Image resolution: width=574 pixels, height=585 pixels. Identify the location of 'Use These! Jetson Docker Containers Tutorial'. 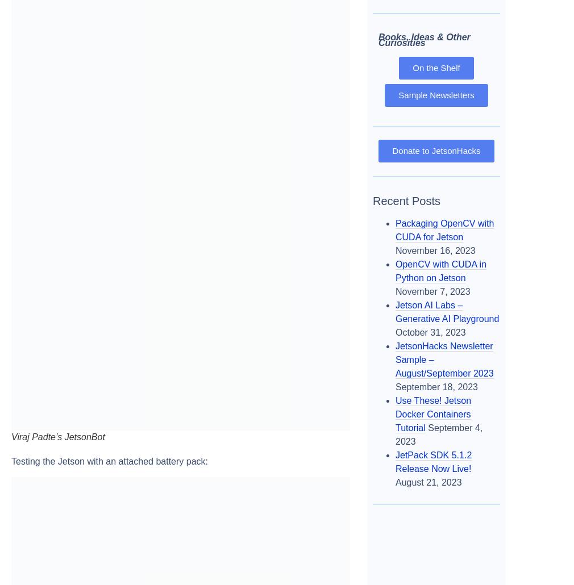
(394, 413).